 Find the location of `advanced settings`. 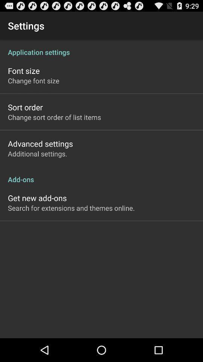

advanced settings is located at coordinates (40, 143).